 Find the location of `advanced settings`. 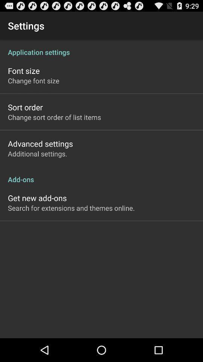

advanced settings is located at coordinates (40, 143).